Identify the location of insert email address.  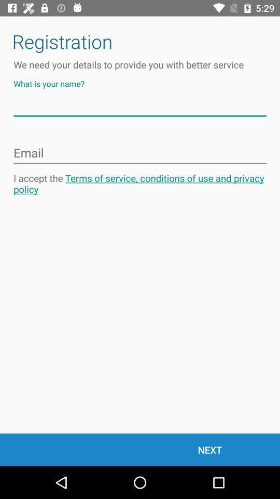
(140, 153).